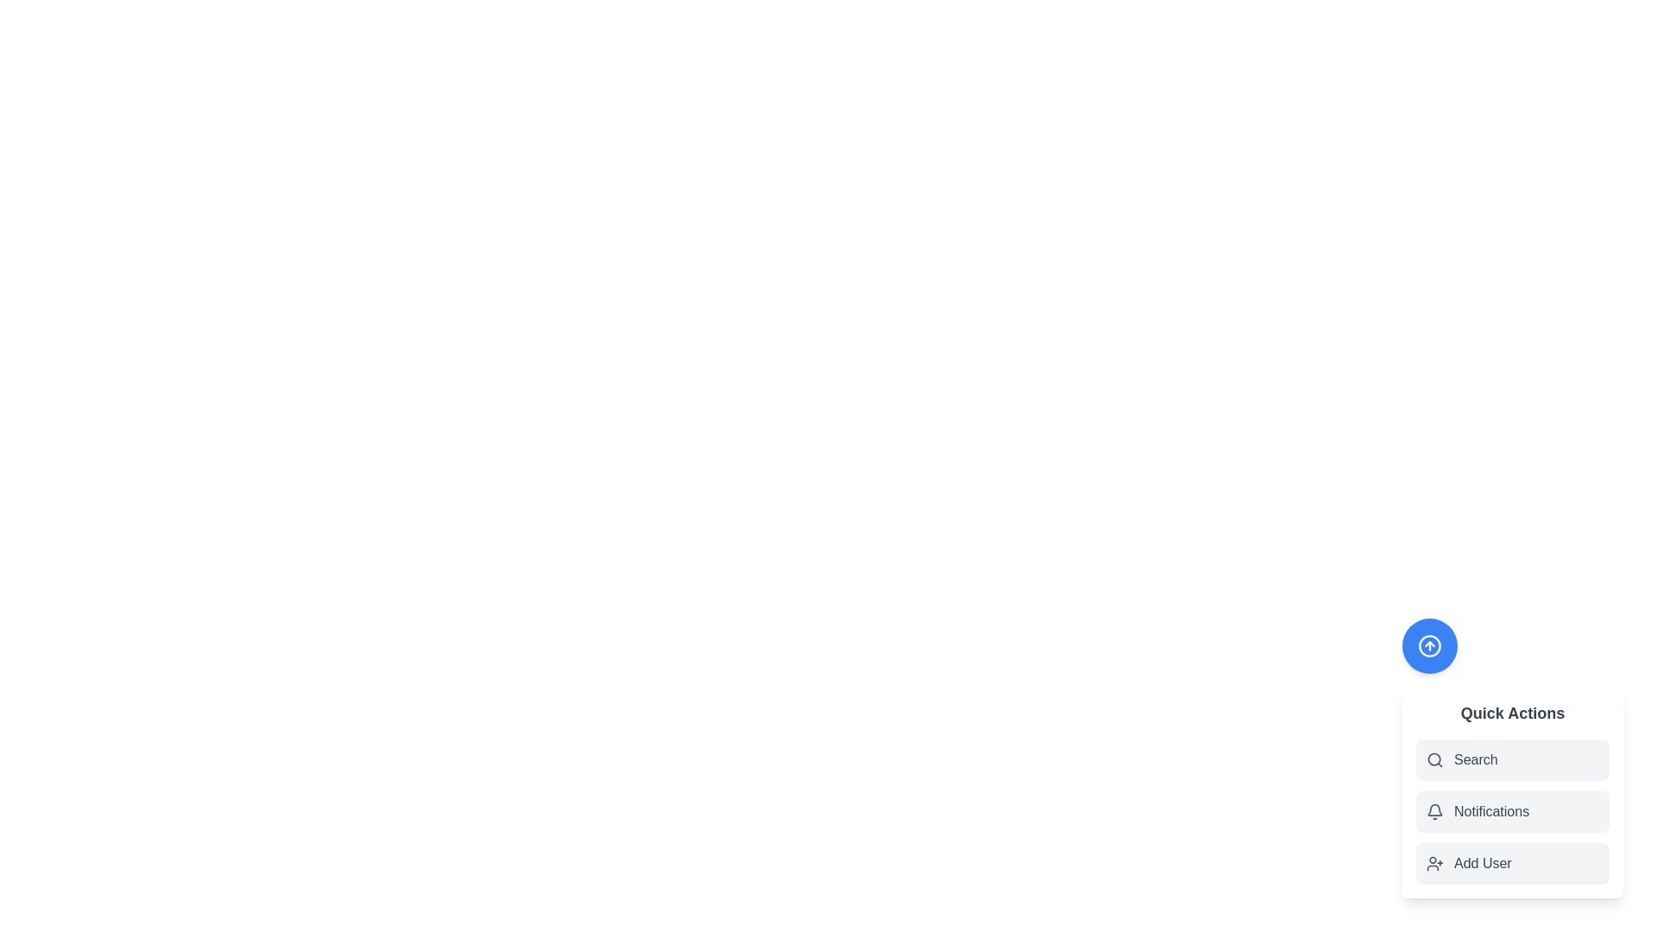 The image size is (1658, 933). What do you see at coordinates (1512, 793) in the screenshot?
I see `the second button in the vertically arranged 'Quick Actions' menu at the bottom right corner of the interface` at bounding box center [1512, 793].